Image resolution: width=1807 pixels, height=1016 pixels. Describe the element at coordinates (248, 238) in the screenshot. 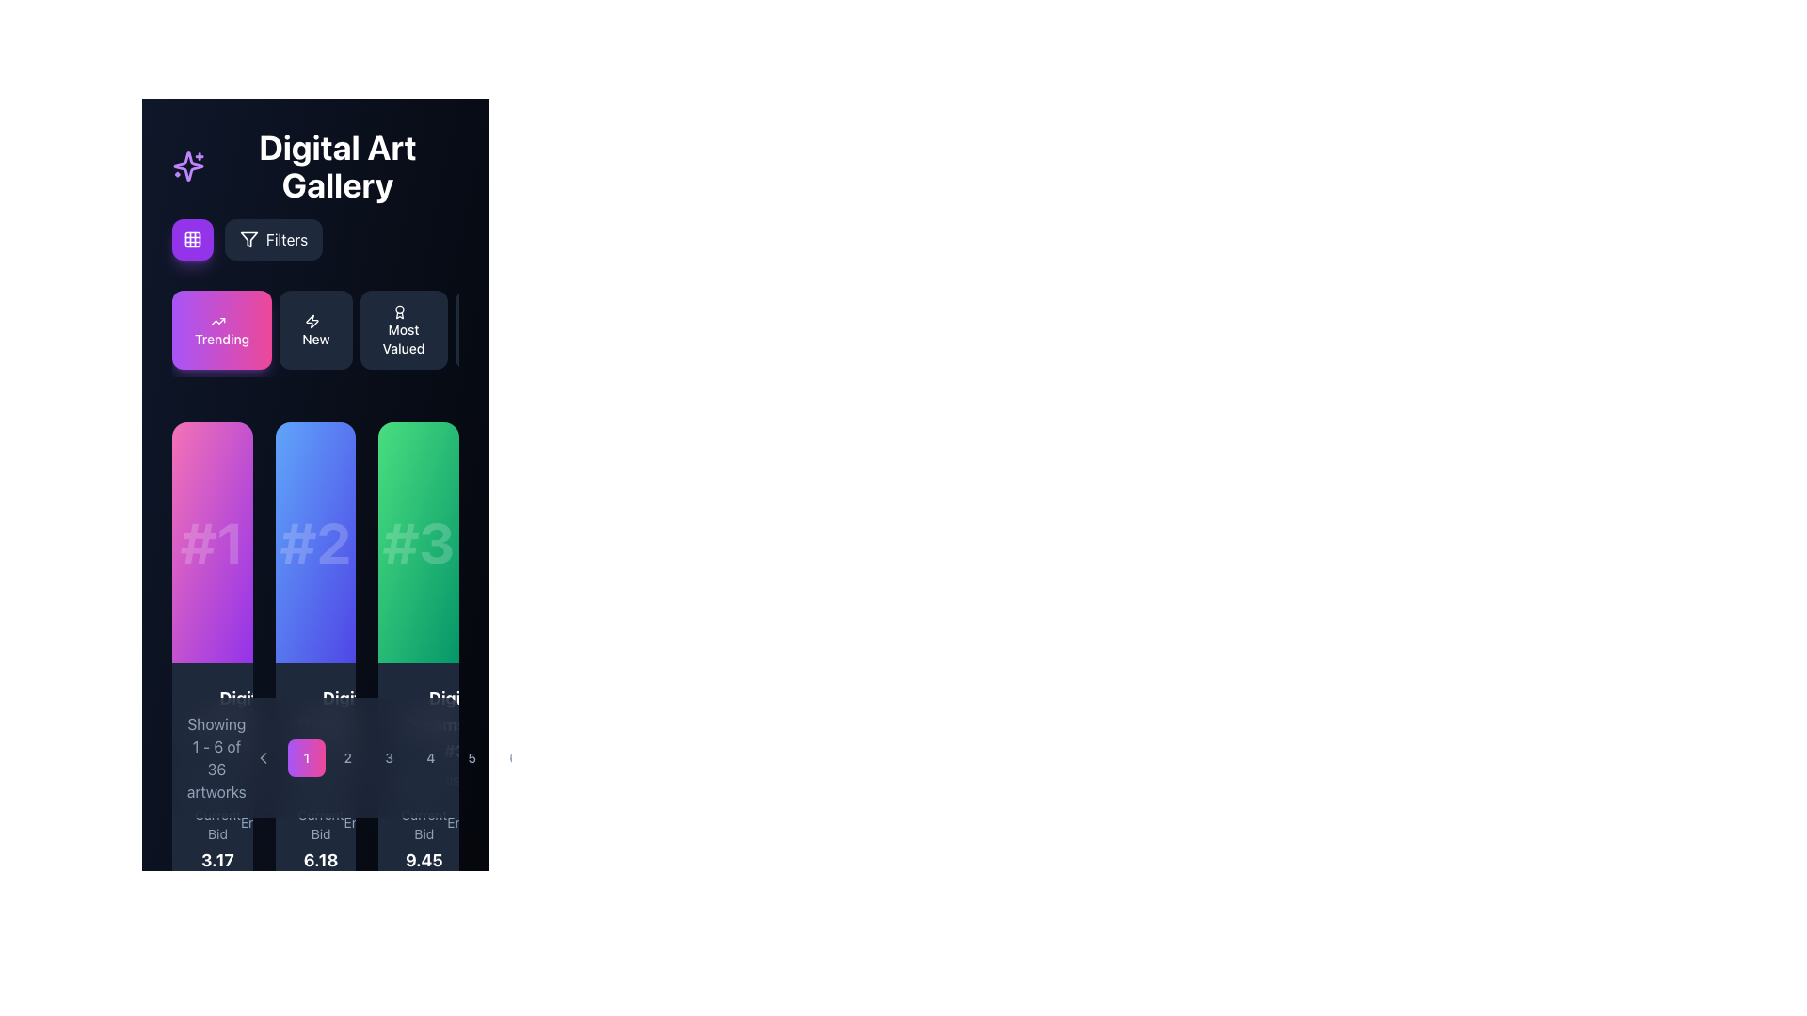

I see `the funnel icon on the 'Filters' button` at that location.